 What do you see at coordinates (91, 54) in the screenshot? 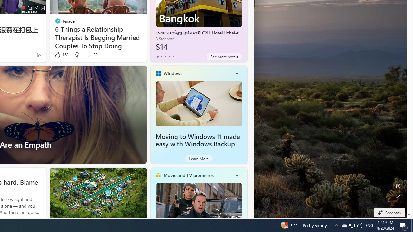
I see `'View comments 29 Comment'` at bounding box center [91, 54].